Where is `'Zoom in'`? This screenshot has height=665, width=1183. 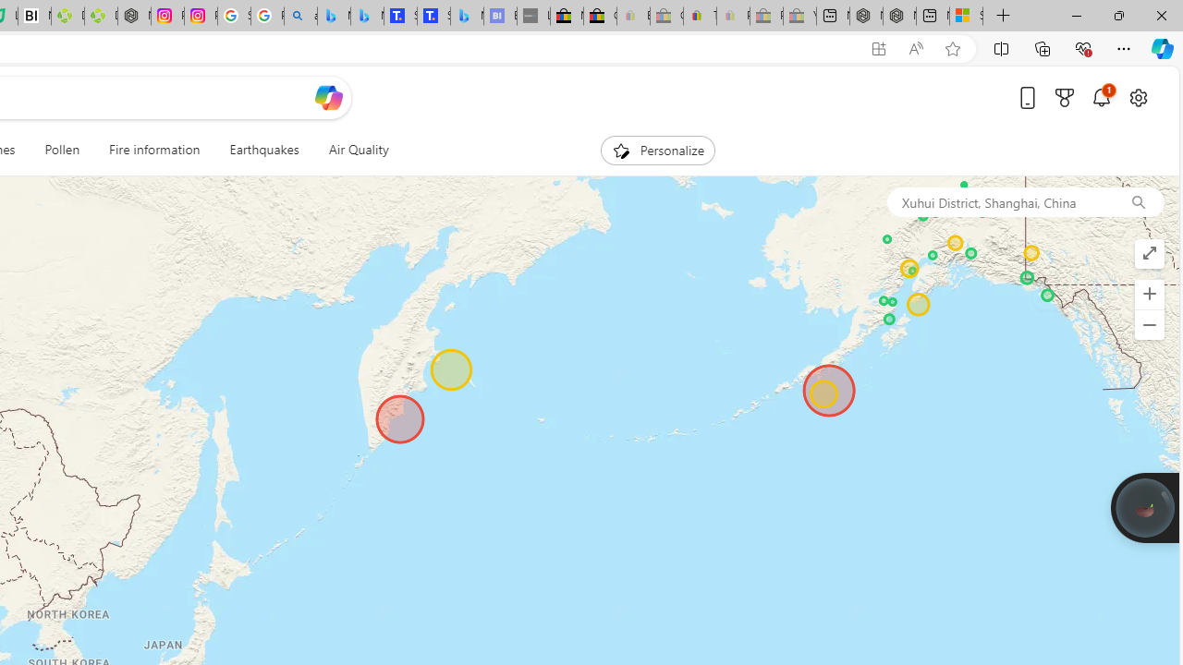
'Zoom in' is located at coordinates (1148, 293).